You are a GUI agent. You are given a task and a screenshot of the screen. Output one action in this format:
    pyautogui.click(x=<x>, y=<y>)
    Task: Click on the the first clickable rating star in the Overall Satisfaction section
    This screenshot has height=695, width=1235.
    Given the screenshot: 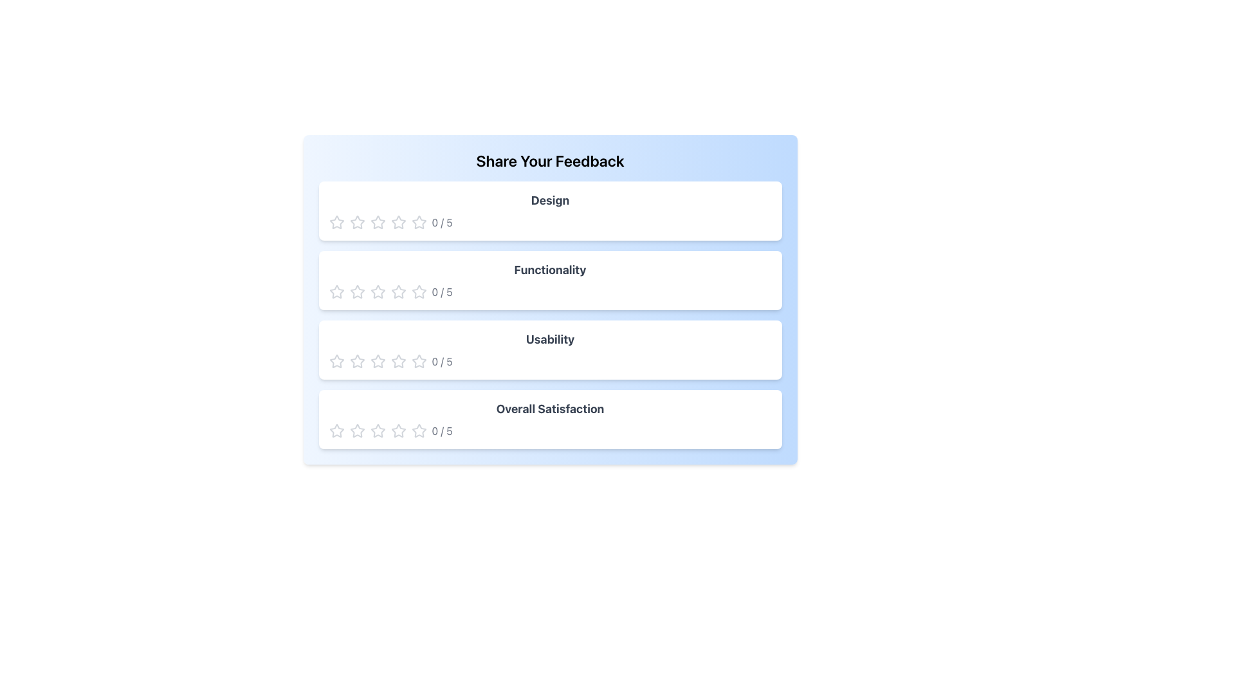 What is the action you would take?
    pyautogui.click(x=336, y=431)
    